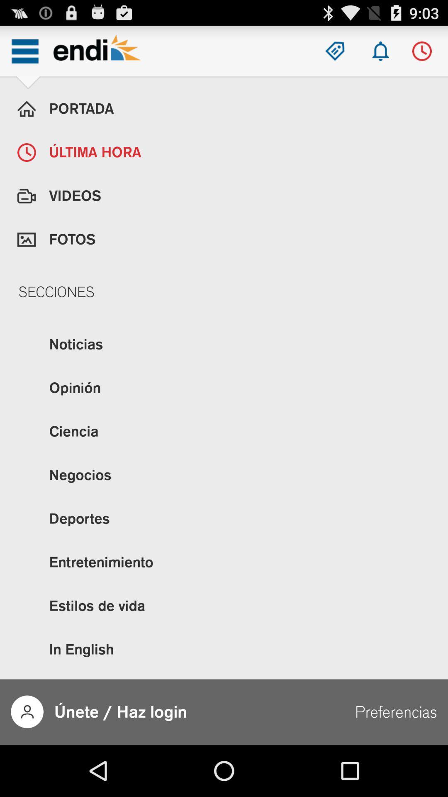  I want to click on the time icon, so click(422, 54).